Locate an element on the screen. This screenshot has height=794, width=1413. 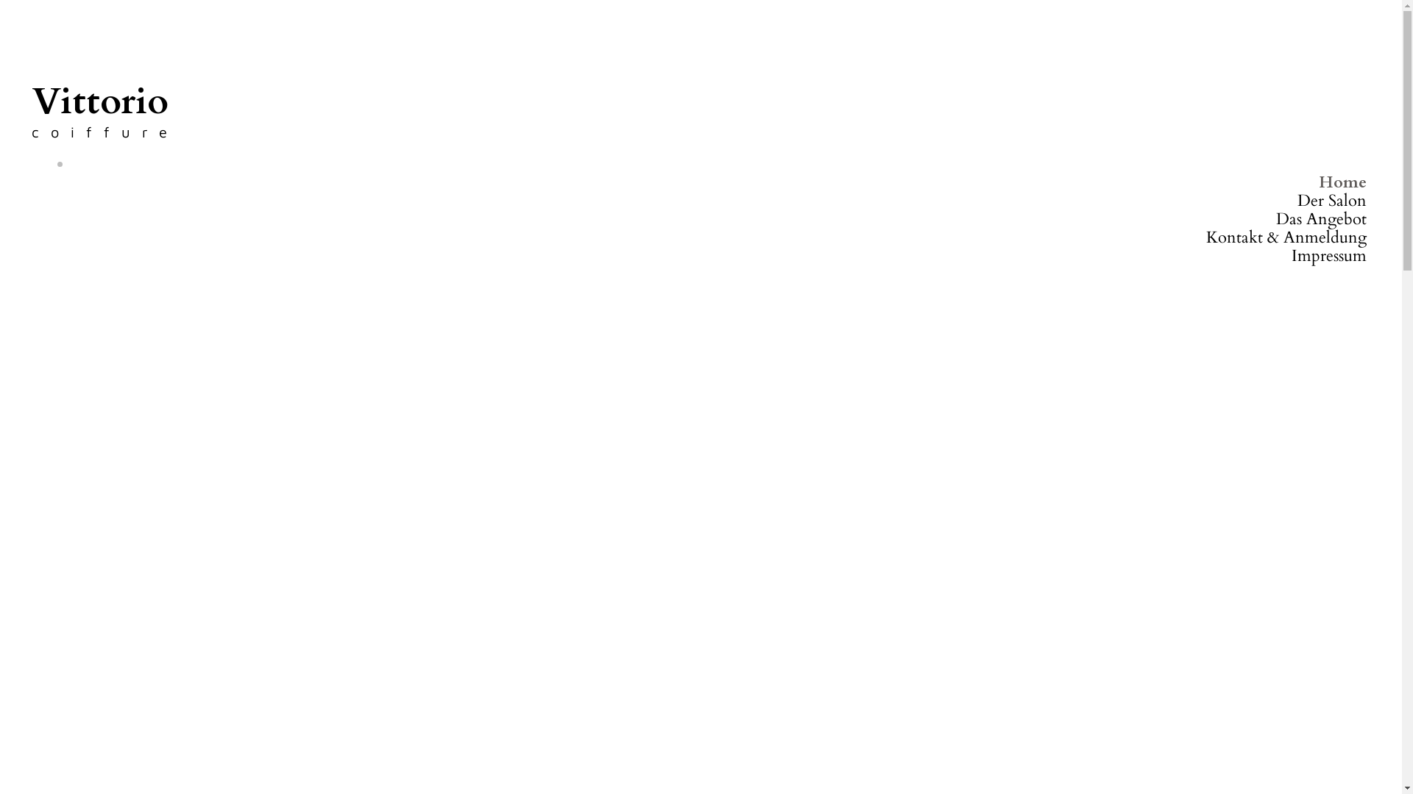
'Home' is located at coordinates (1342, 181).